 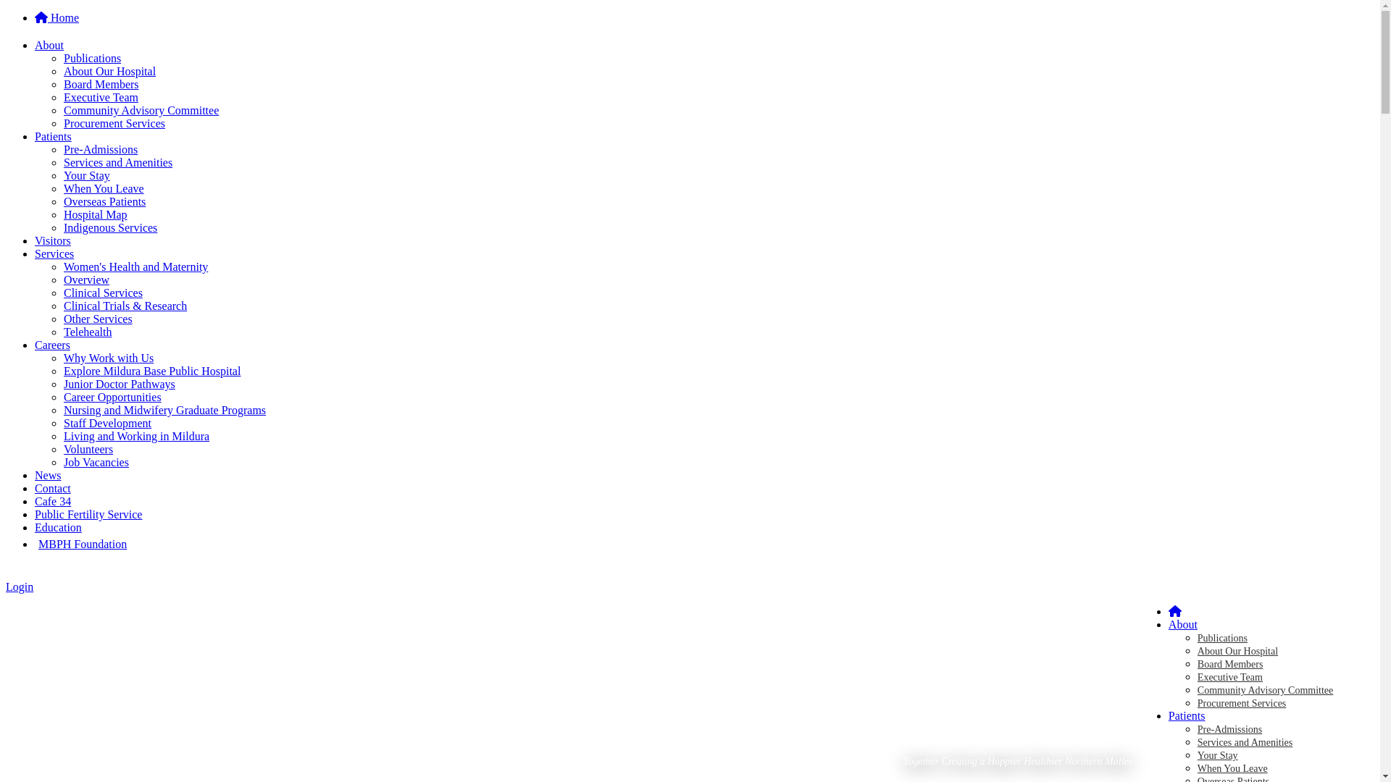 I want to click on 'Your Stay', so click(x=1217, y=754).